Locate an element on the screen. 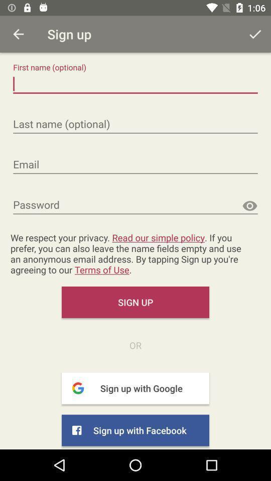 The width and height of the screenshot is (271, 481). the eye image option to the right of the text password is located at coordinates (249, 205).